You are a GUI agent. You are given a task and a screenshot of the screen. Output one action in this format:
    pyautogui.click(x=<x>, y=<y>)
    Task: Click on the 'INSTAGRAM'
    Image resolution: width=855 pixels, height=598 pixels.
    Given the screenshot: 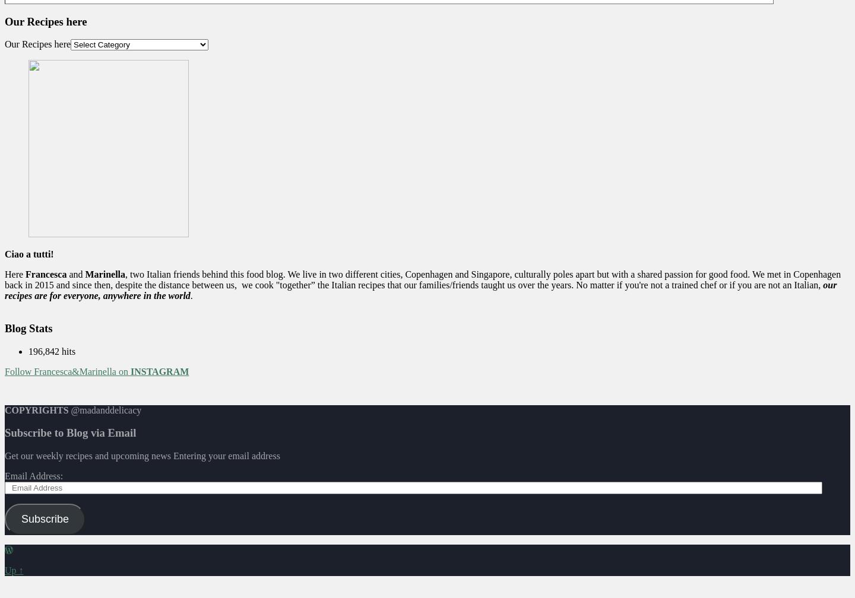 What is the action you would take?
    pyautogui.click(x=159, y=371)
    